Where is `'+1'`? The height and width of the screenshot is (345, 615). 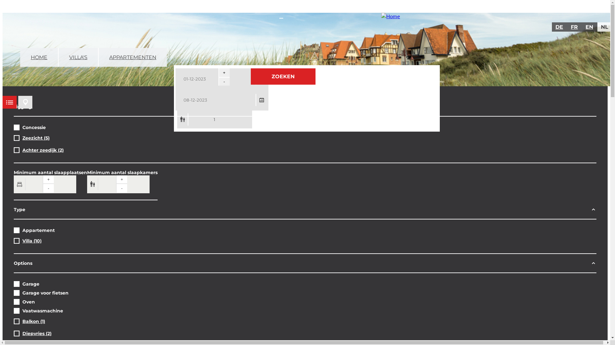
'+1' is located at coordinates (224, 72).